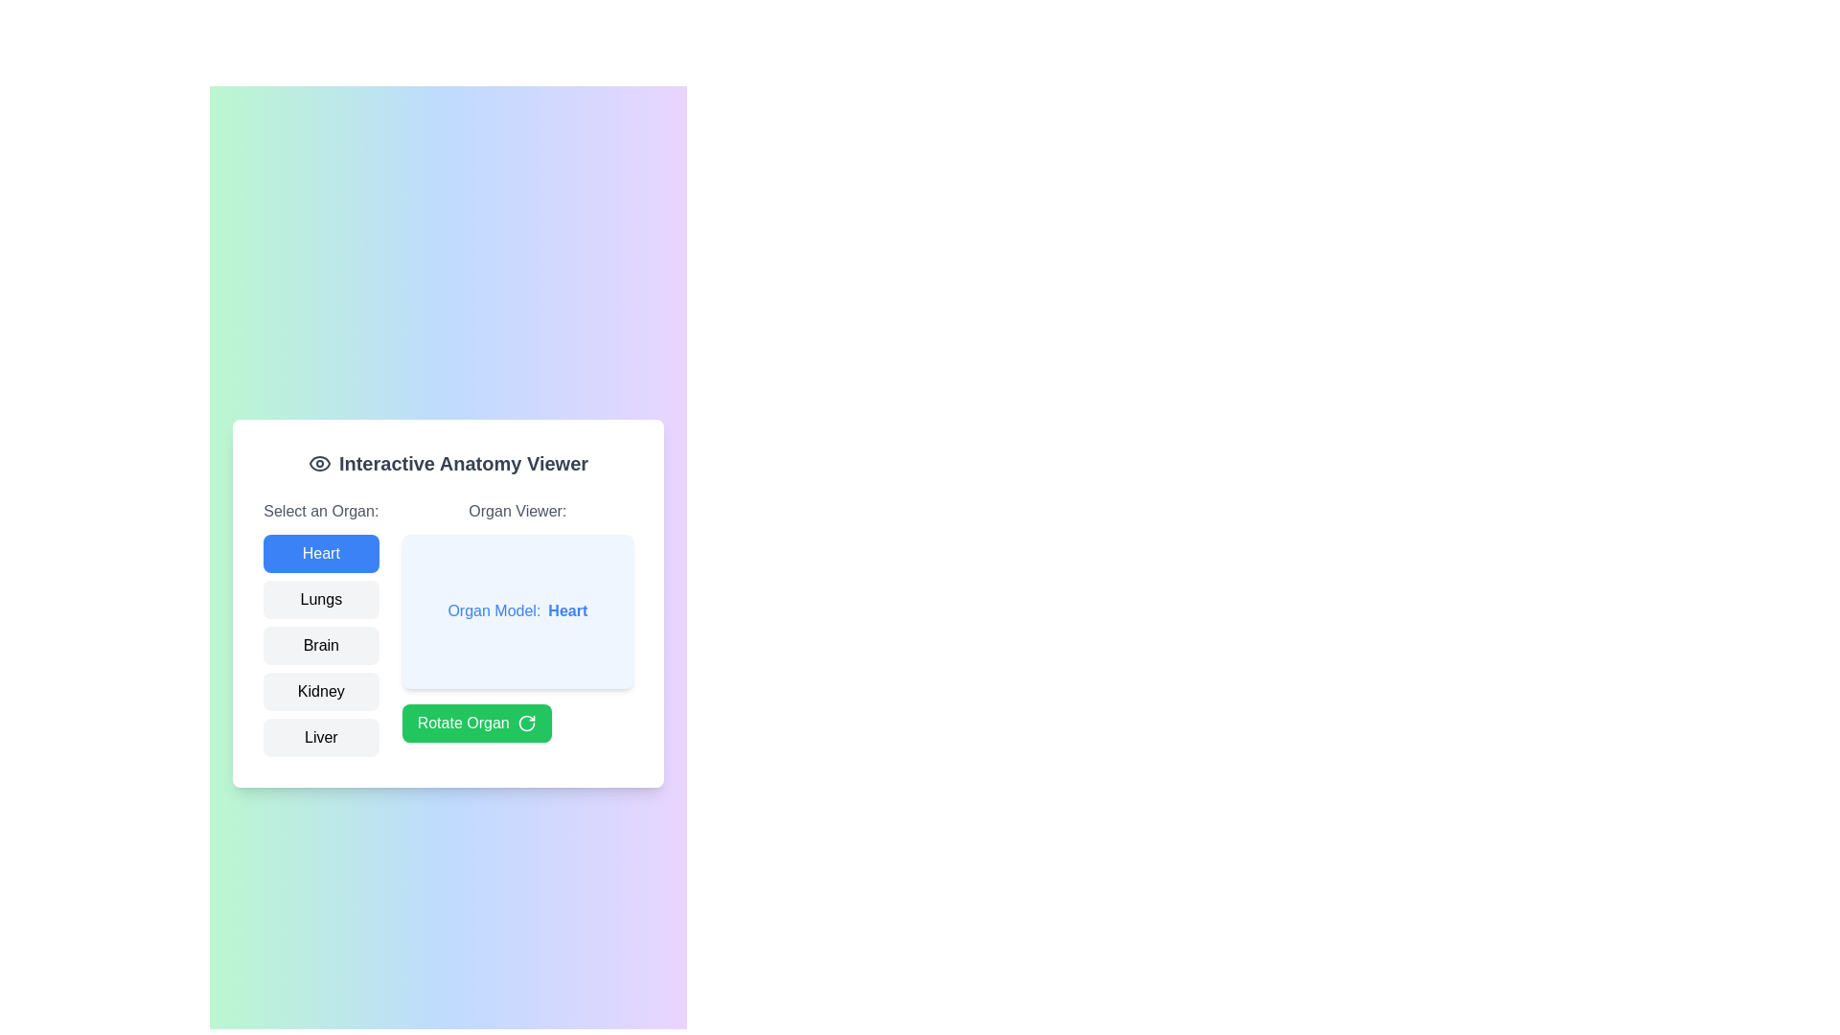  Describe the element at coordinates (321, 646) in the screenshot. I see `the button labeled 'Brain', which is a rectangular button with rounded corners, located under the 'Select an Organ' section, positioned below the 'Lungs' button and above the 'Kidney' button` at that location.